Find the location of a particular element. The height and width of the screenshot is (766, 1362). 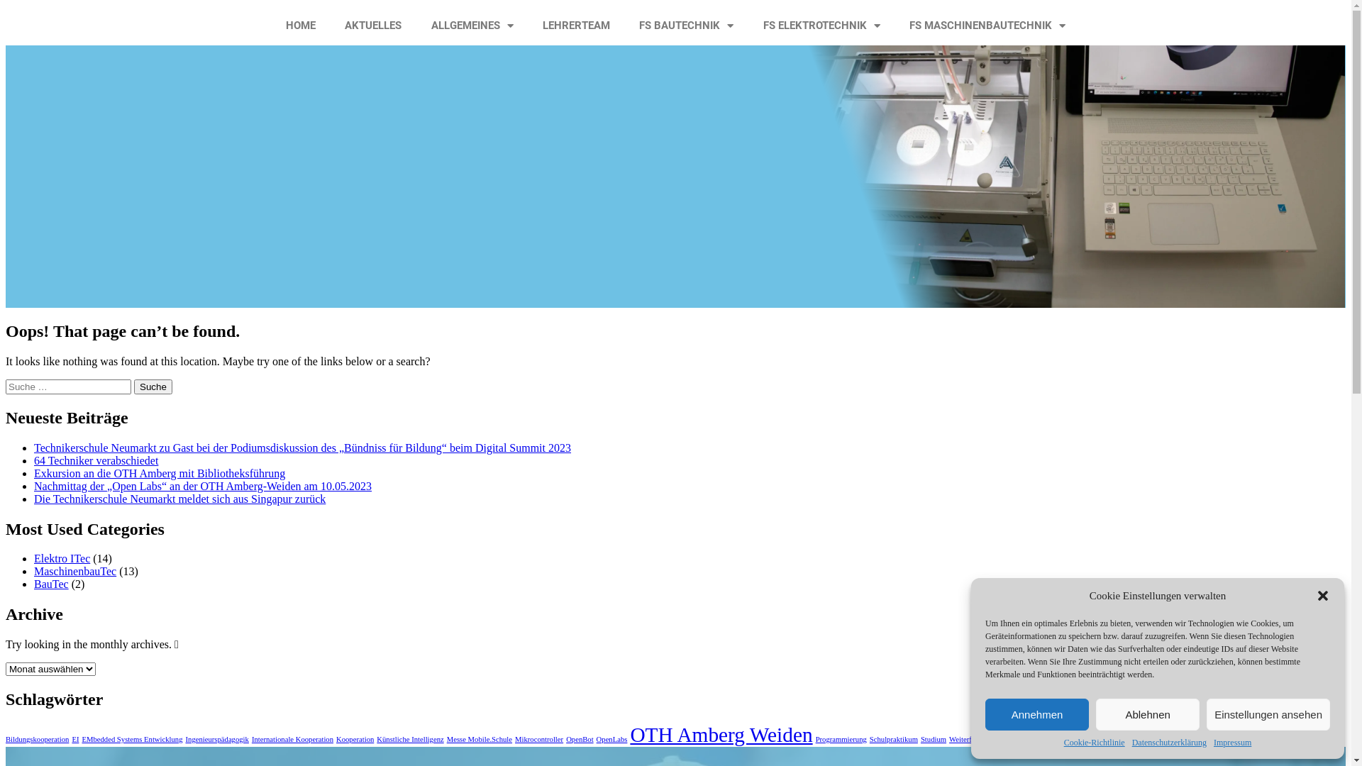

'MaschinenbauTec' is located at coordinates (74, 570).